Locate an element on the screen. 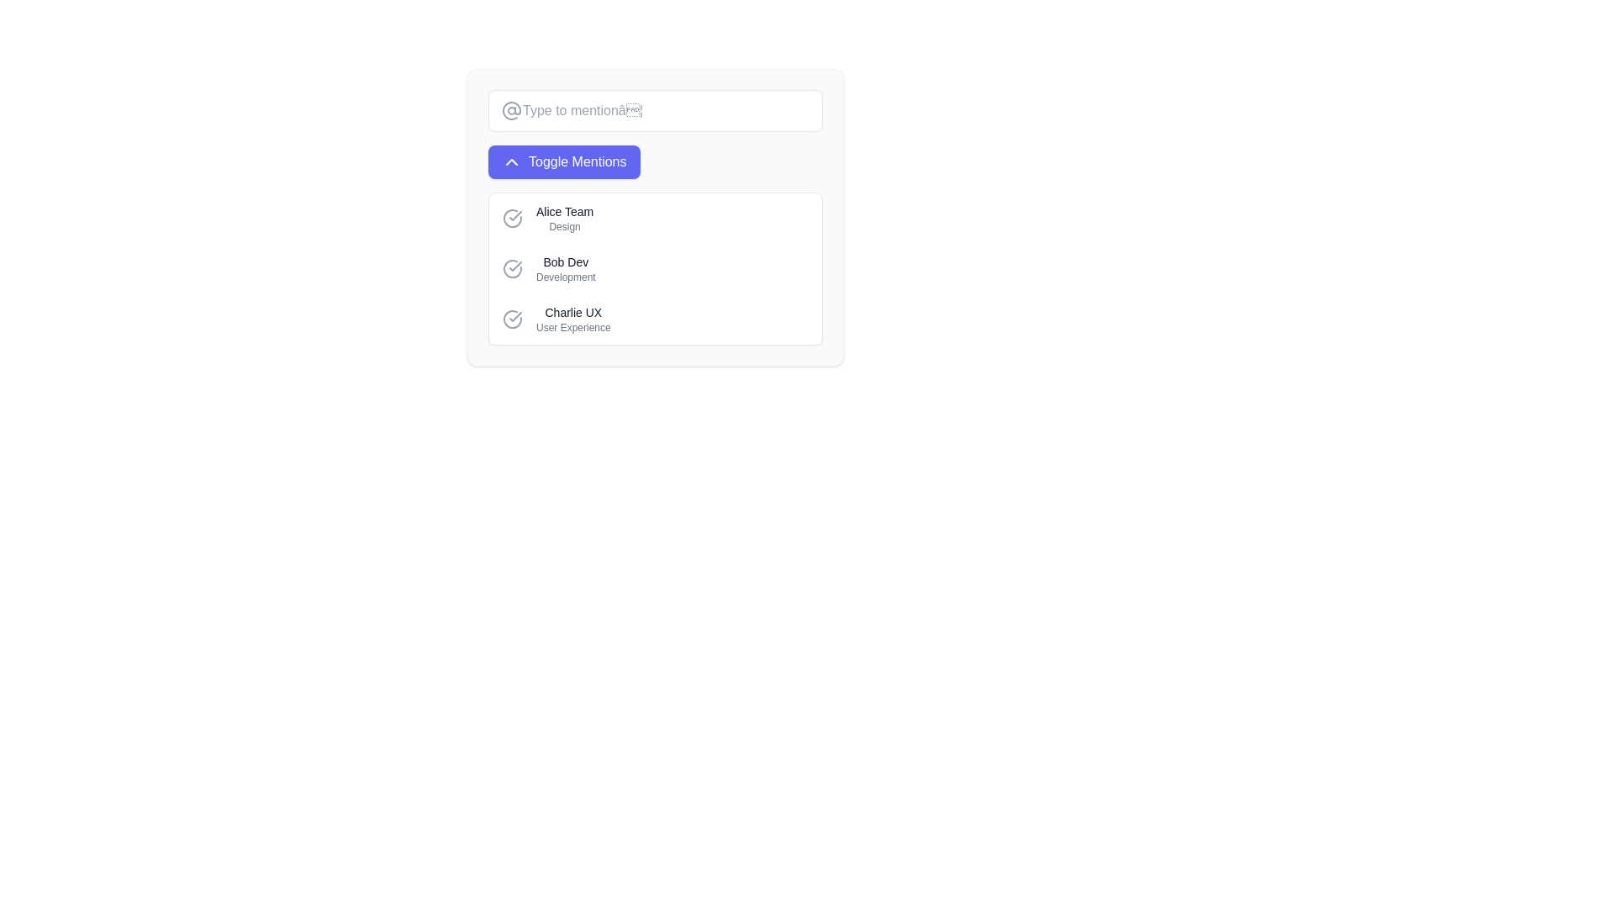  the toggle button located at the top middle of the interface, which allows users to expand or collapse a section for mentions or related content is located at coordinates (564, 161).